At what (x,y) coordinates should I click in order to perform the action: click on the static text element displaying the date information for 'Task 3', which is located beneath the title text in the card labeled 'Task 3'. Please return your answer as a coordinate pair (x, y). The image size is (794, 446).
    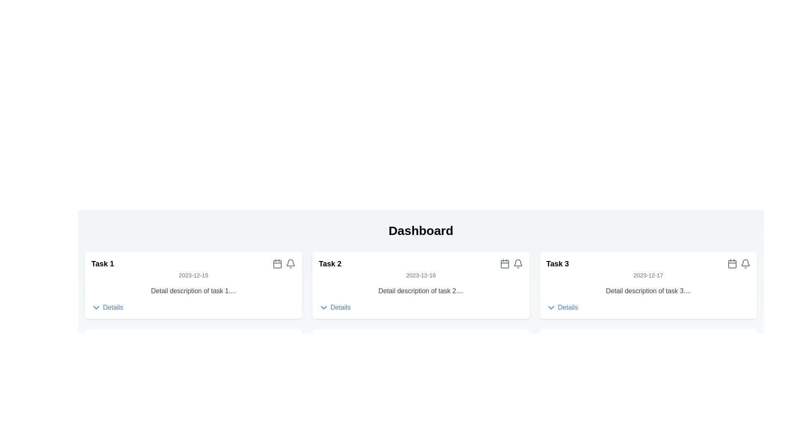
    Looking at the image, I should click on (648, 275).